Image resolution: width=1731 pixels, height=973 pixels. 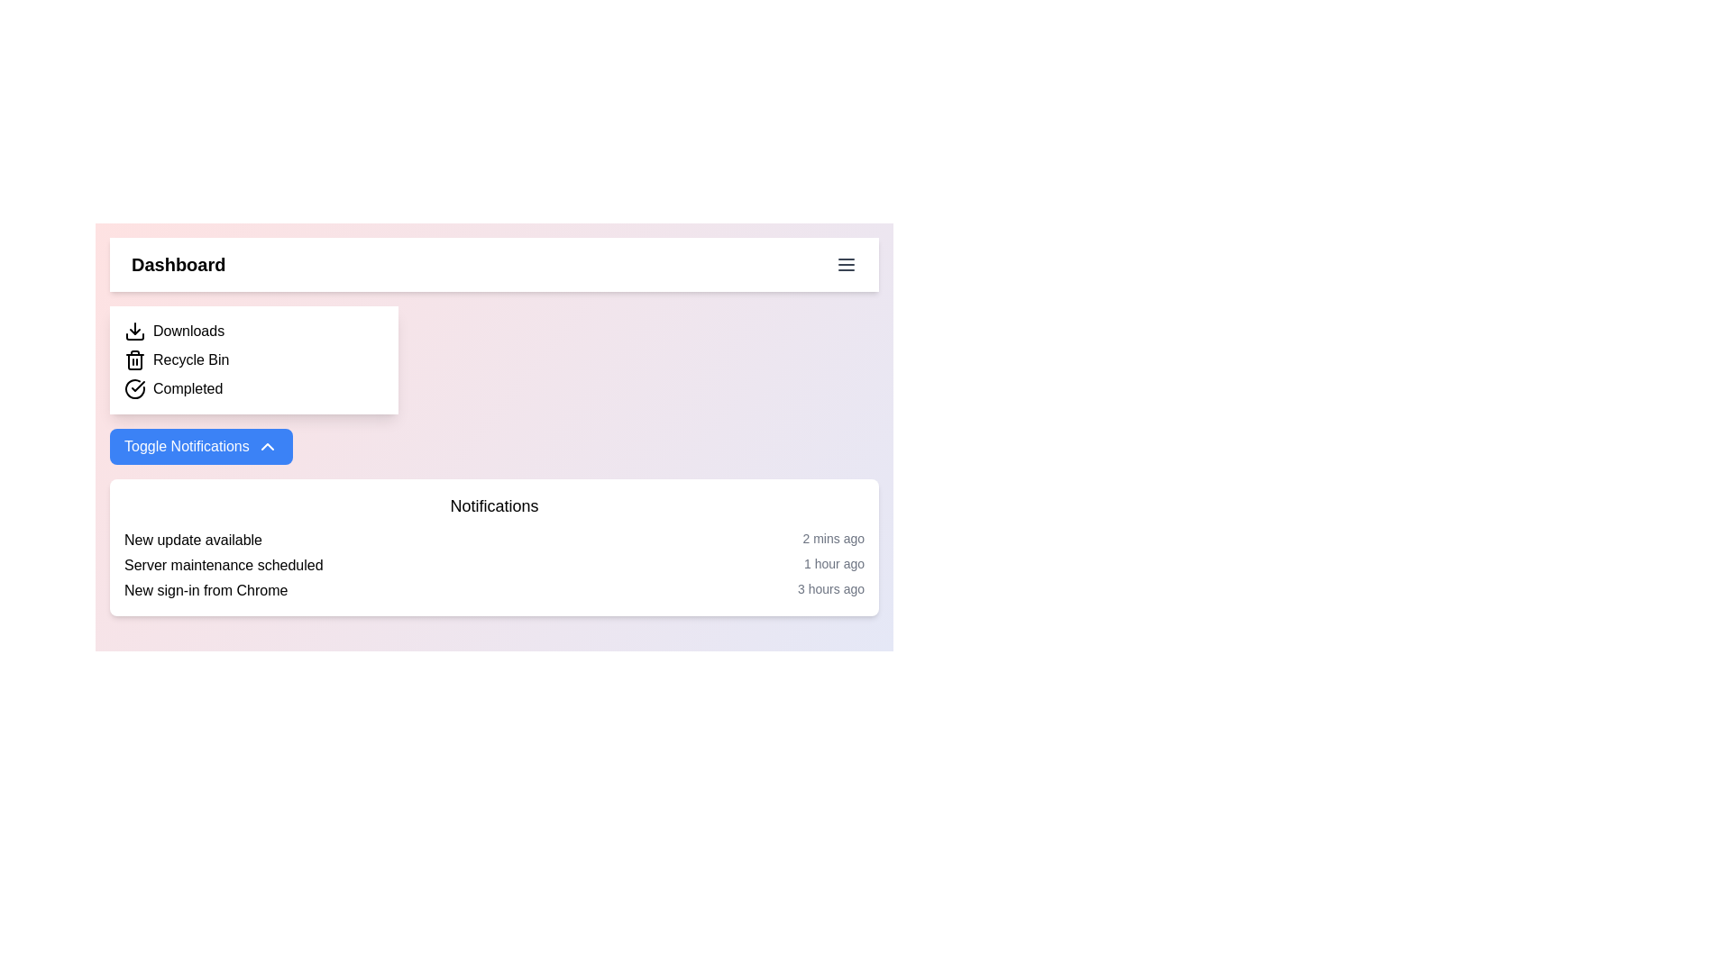 I want to click on the 'Recycle Bin' item in the dashboard list, so click(x=253, y=360).